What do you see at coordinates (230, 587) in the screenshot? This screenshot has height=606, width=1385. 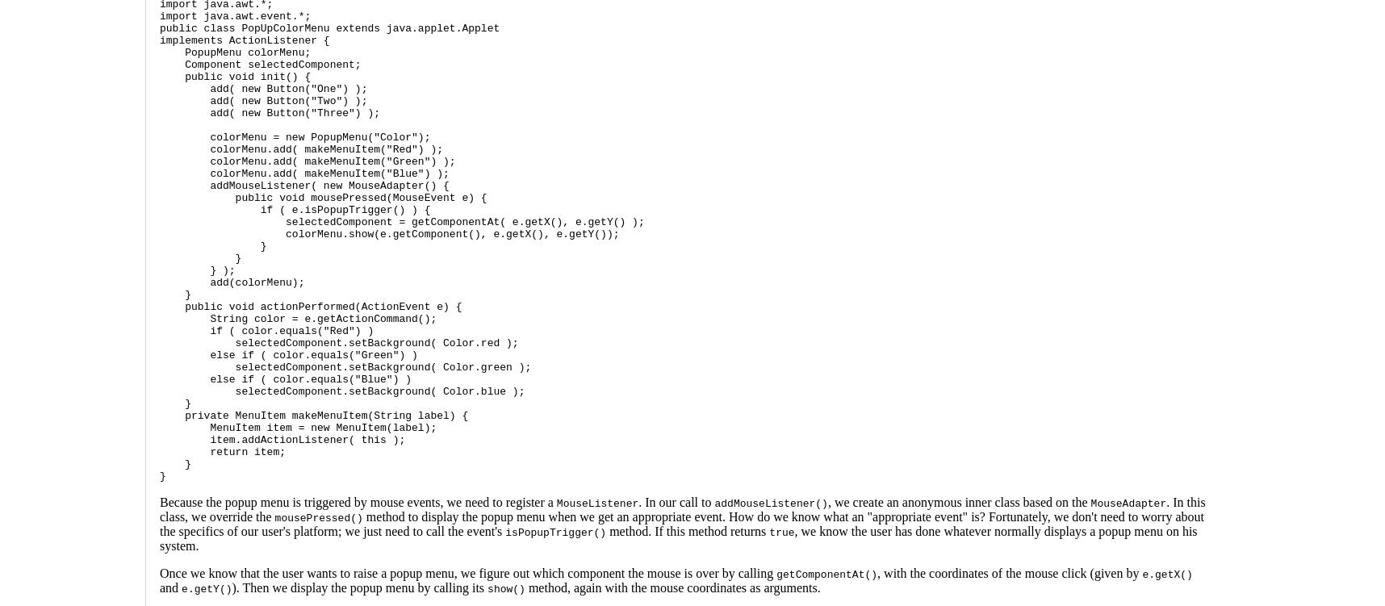 I see `'). Then we display the popup menu
by calling its'` at bounding box center [230, 587].